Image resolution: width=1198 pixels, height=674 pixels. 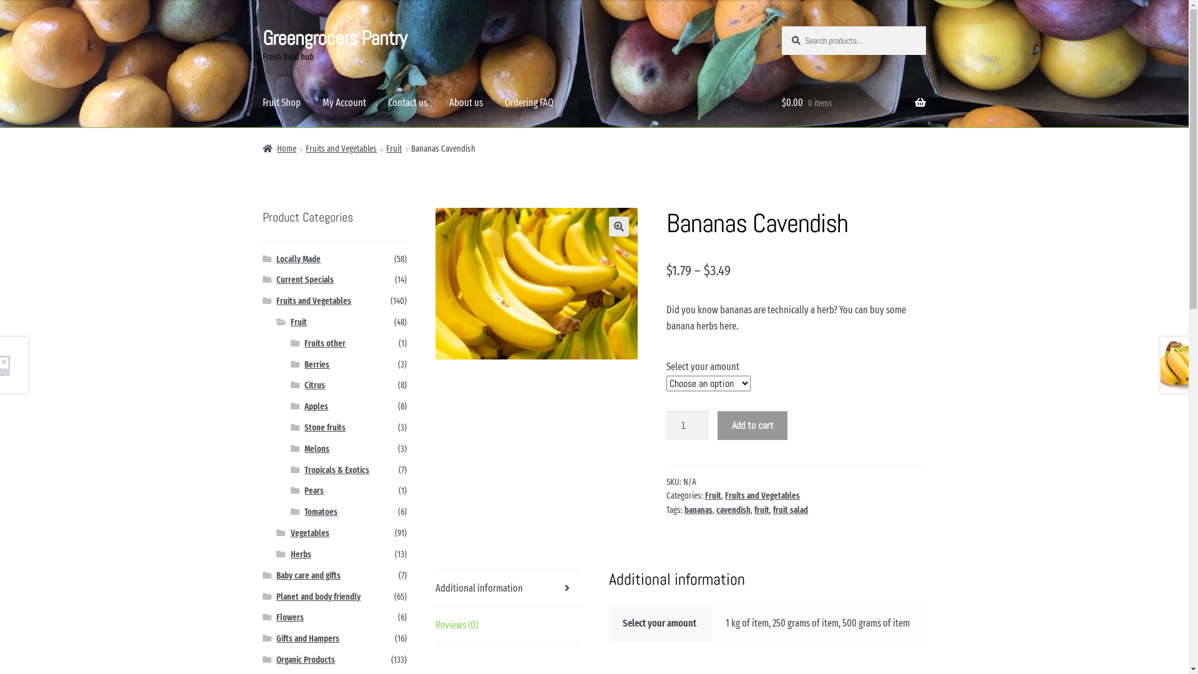 What do you see at coordinates (733, 510) in the screenshot?
I see `'cavendish'` at bounding box center [733, 510].